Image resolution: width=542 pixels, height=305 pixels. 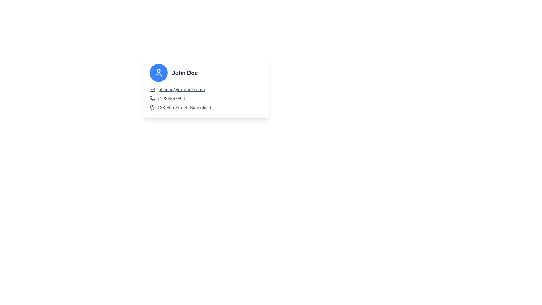 I want to click on the user icon located in the top-left corner of the white card interface, which is part of a blue circular area with a white outline, so click(x=158, y=73).